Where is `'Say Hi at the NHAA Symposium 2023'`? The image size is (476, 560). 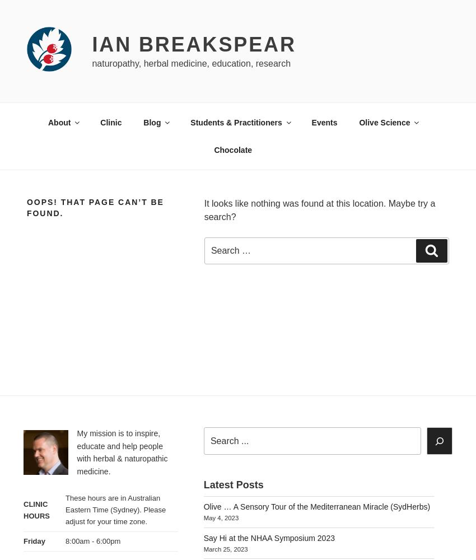 'Say Hi at the NHAA Symposium 2023' is located at coordinates (268, 537).